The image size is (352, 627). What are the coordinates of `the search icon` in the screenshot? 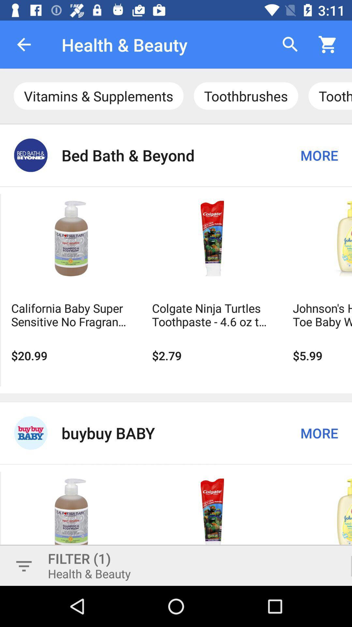 It's located at (290, 44).